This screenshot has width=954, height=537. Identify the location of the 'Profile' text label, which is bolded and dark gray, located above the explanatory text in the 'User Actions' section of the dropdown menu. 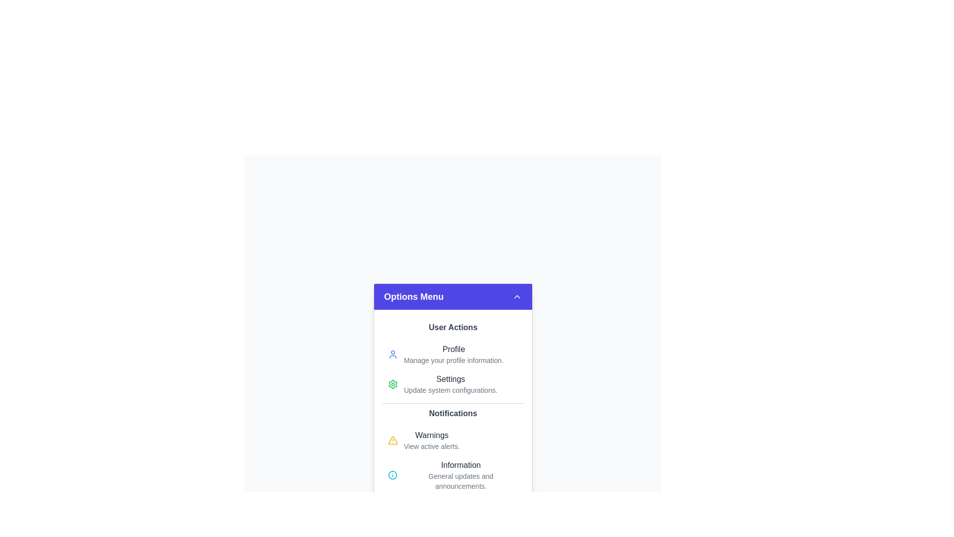
(453, 349).